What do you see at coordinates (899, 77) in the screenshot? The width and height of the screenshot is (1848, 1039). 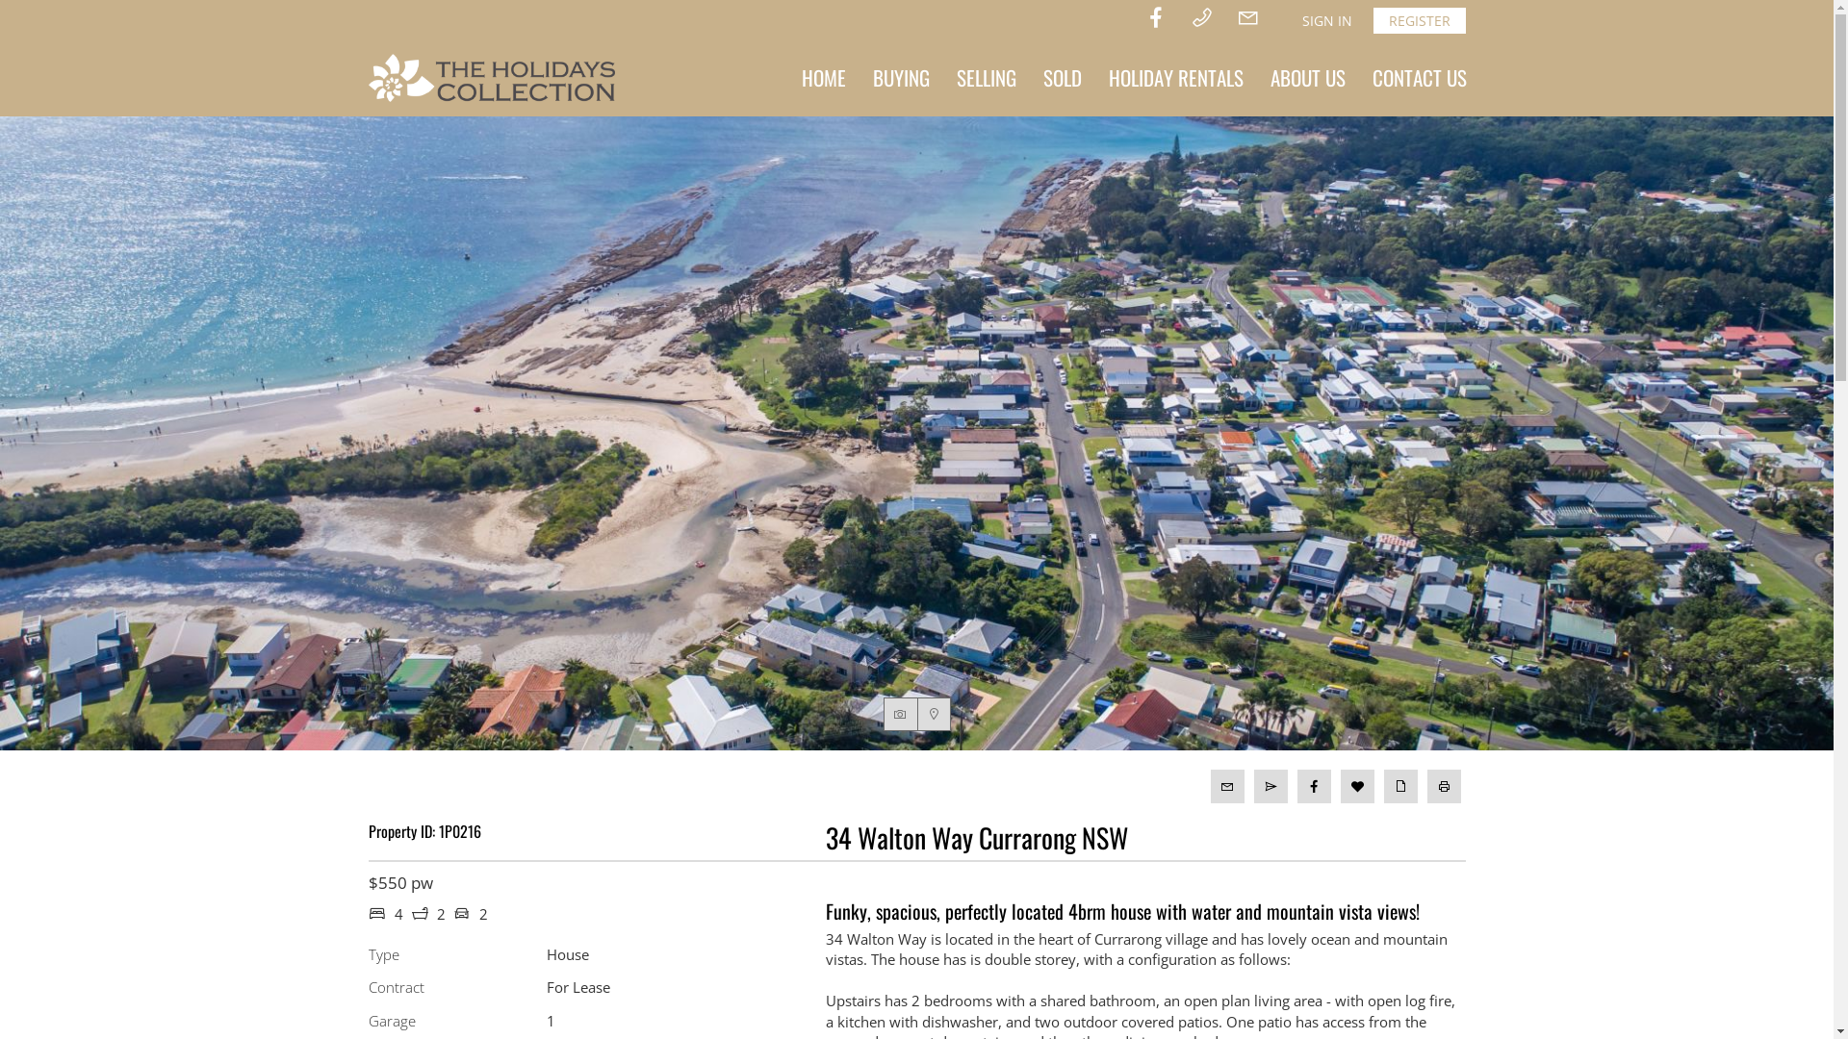 I see `'BUYING'` at bounding box center [899, 77].